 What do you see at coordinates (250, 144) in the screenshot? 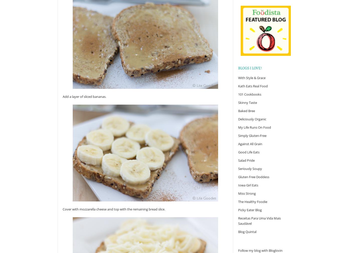
I see `'Against All Grain'` at bounding box center [250, 144].